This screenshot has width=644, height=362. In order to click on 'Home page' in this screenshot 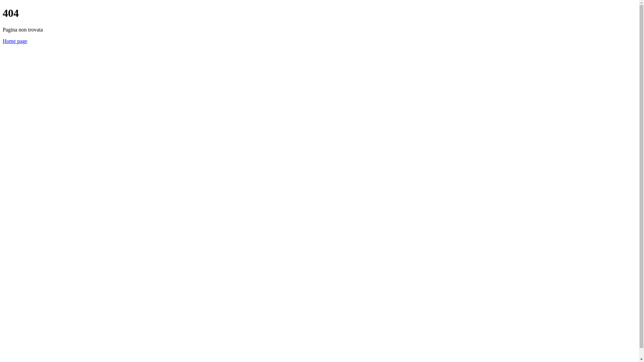, I will do `click(15, 41)`.